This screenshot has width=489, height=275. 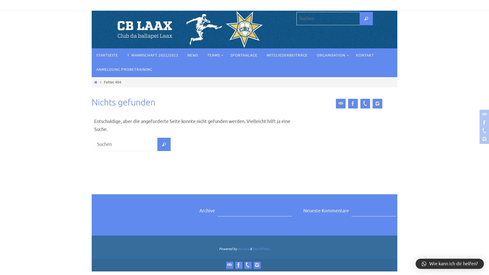 I want to click on 'Contact', so click(x=229, y=265).